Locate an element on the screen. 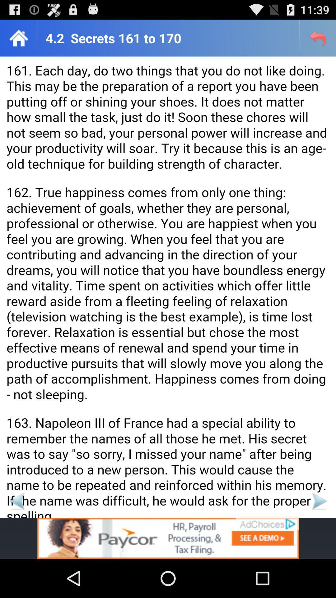 Image resolution: width=336 pixels, height=598 pixels. go back is located at coordinates (16, 501).